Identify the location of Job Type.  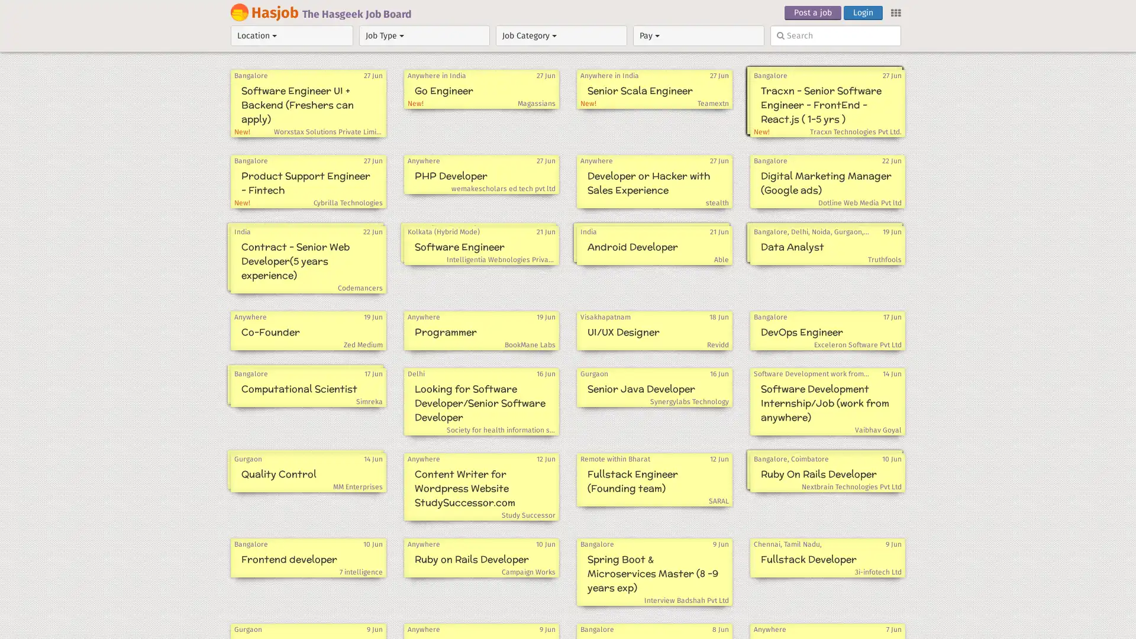
(424, 35).